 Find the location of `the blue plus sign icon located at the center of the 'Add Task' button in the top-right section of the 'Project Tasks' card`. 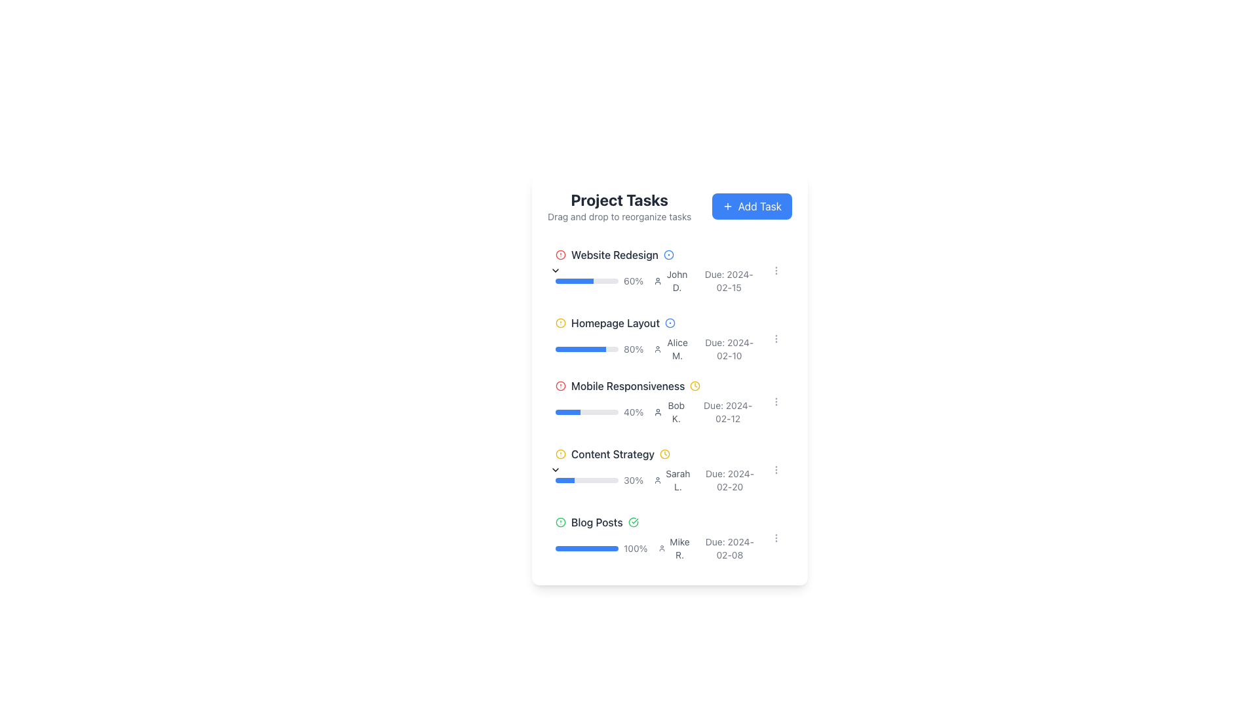

the blue plus sign icon located at the center of the 'Add Task' button in the top-right section of the 'Project Tasks' card is located at coordinates (727, 206).